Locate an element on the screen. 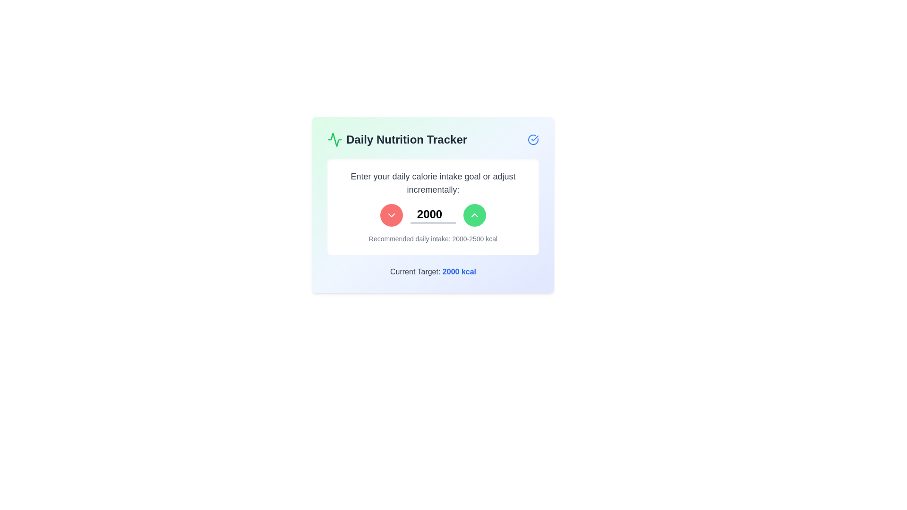  the decrement button located to the left of the numerical input field displaying '2000' to decrement its value is located at coordinates (392, 215).